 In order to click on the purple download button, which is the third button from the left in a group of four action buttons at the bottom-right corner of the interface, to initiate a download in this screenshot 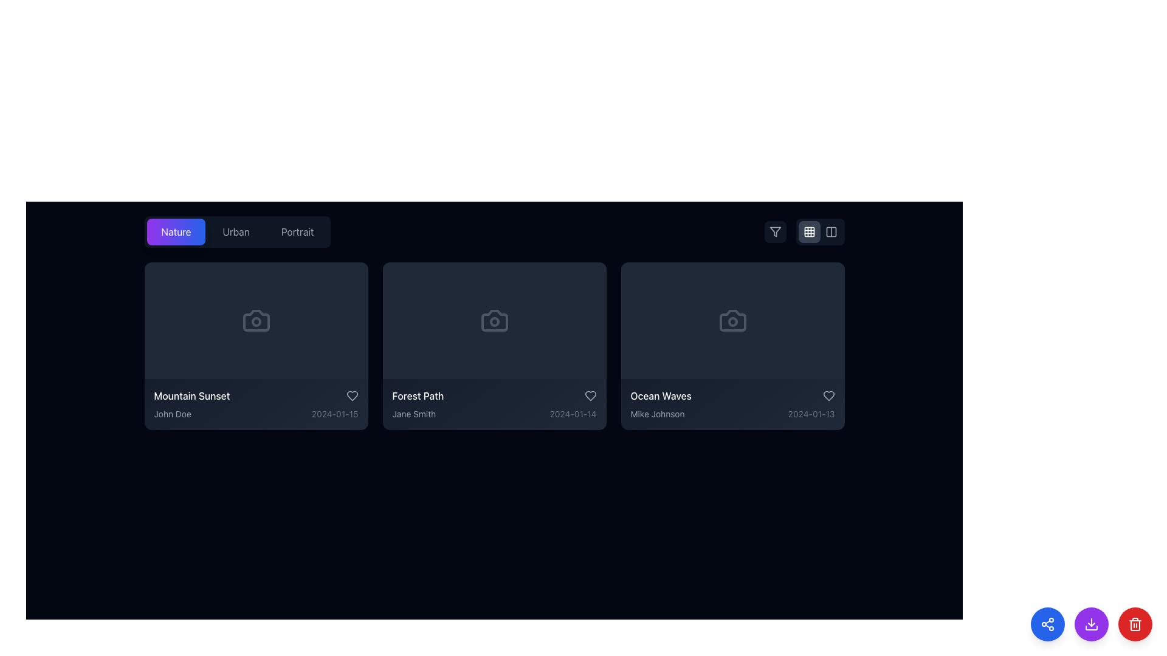, I will do `click(1091, 624)`.